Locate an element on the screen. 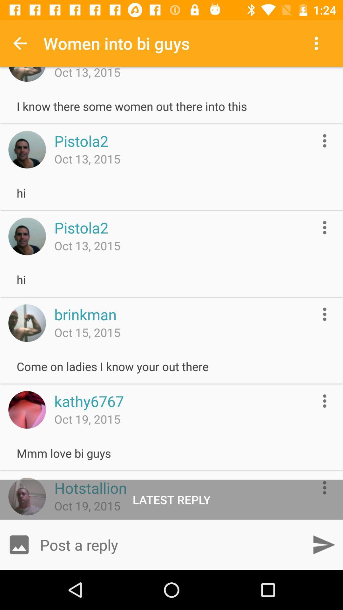  profile picture is located at coordinates (27, 149).